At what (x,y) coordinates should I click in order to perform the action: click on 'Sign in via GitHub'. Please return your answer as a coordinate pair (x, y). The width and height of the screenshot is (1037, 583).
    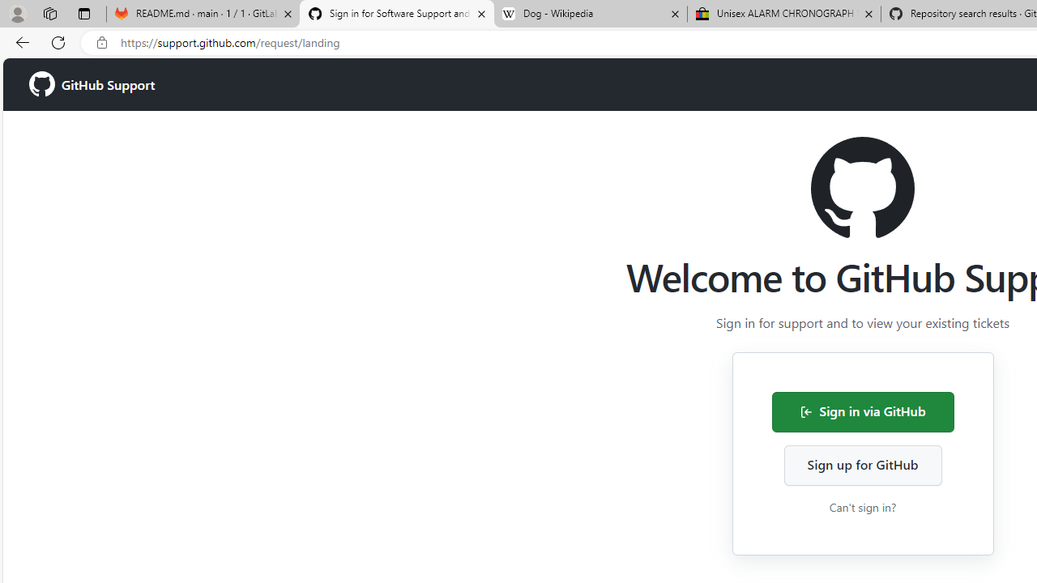
    Looking at the image, I should click on (861, 411).